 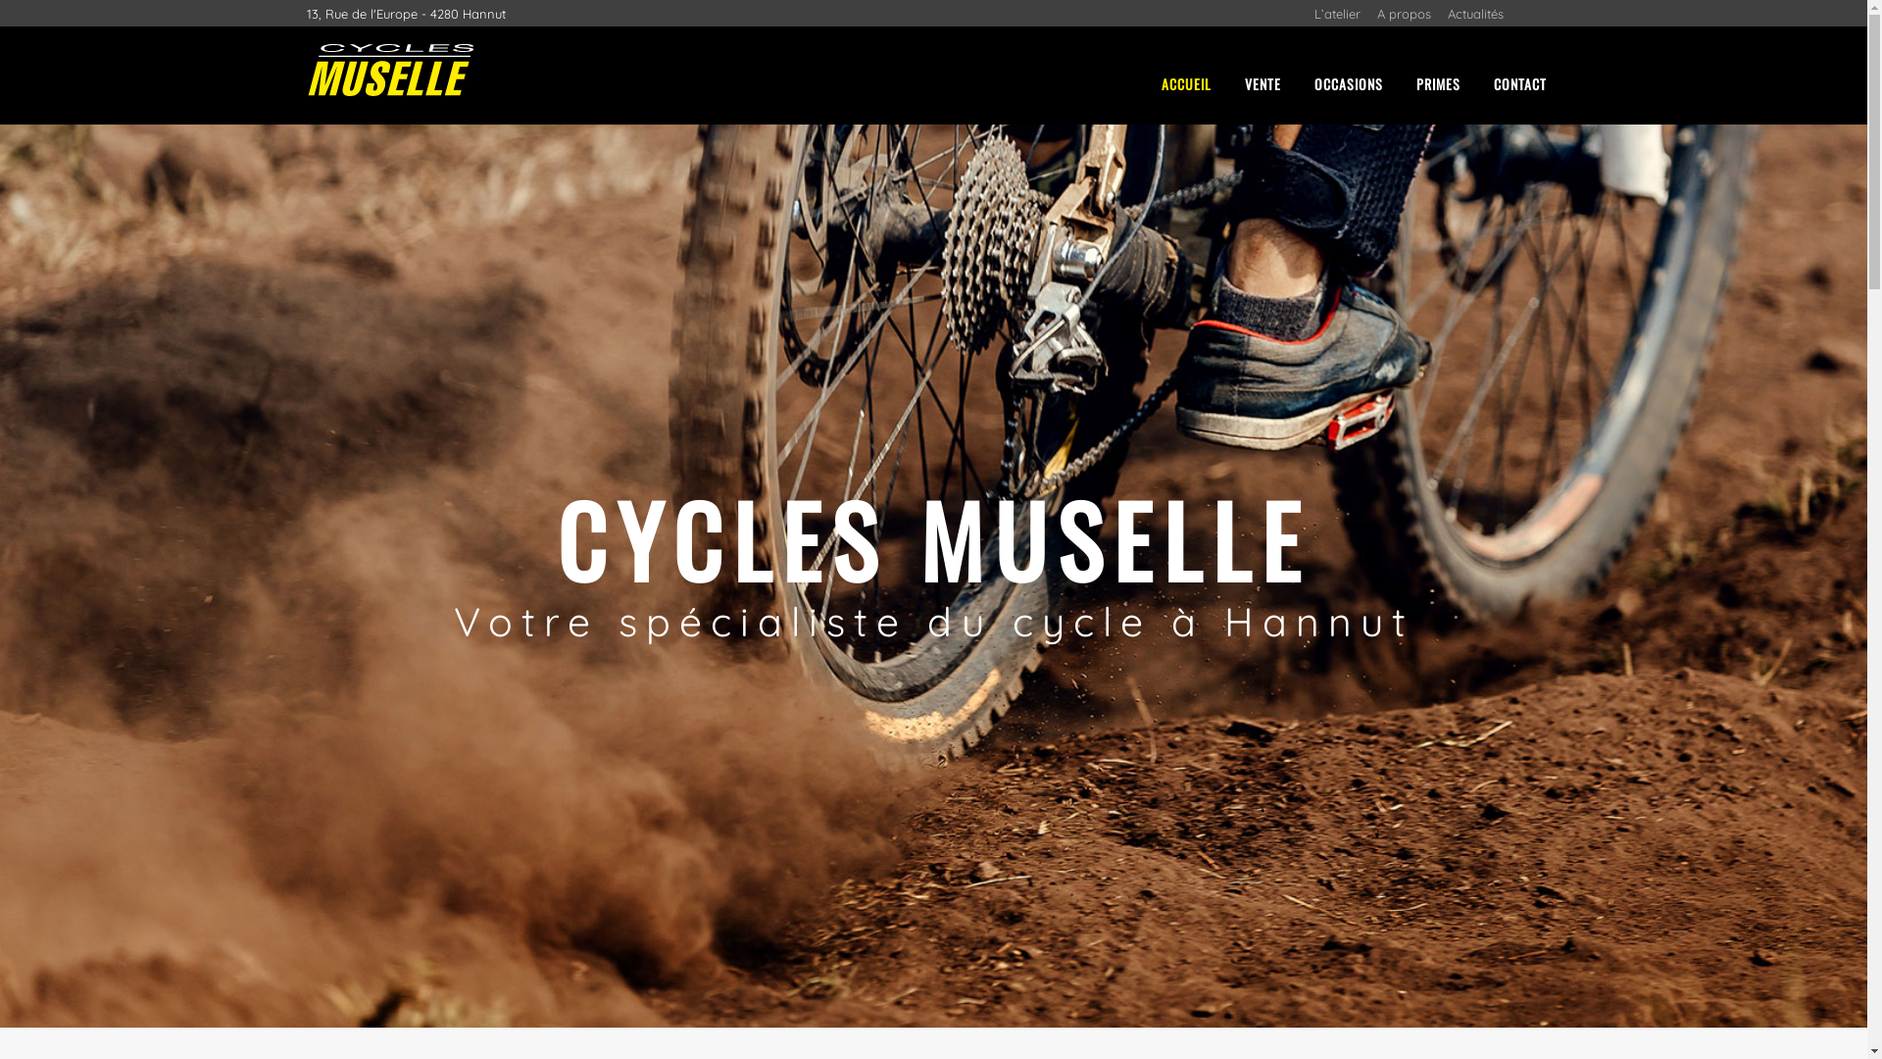 What do you see at coordinates (1374, 14) in the screenshot?
I see `'A propos'` at bounding box center [1374, 14].